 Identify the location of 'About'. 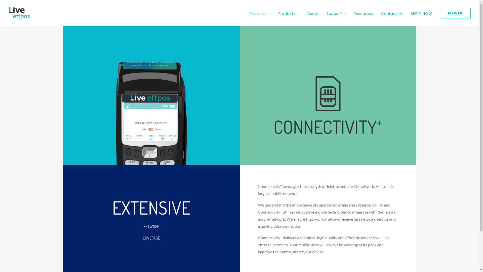
(304, 13).